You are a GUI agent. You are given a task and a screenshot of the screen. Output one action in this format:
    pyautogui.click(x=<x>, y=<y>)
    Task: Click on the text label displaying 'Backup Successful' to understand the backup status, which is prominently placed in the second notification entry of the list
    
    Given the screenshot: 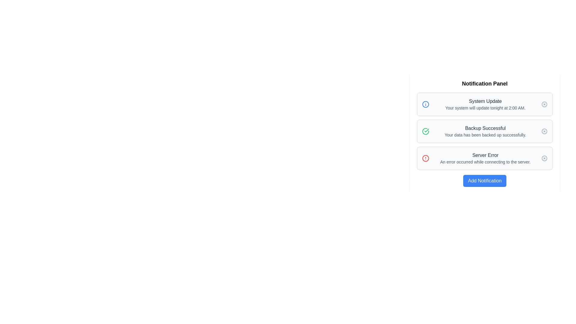 What is the action you would take?
    pyautogui.click(x=485, y=128)
    